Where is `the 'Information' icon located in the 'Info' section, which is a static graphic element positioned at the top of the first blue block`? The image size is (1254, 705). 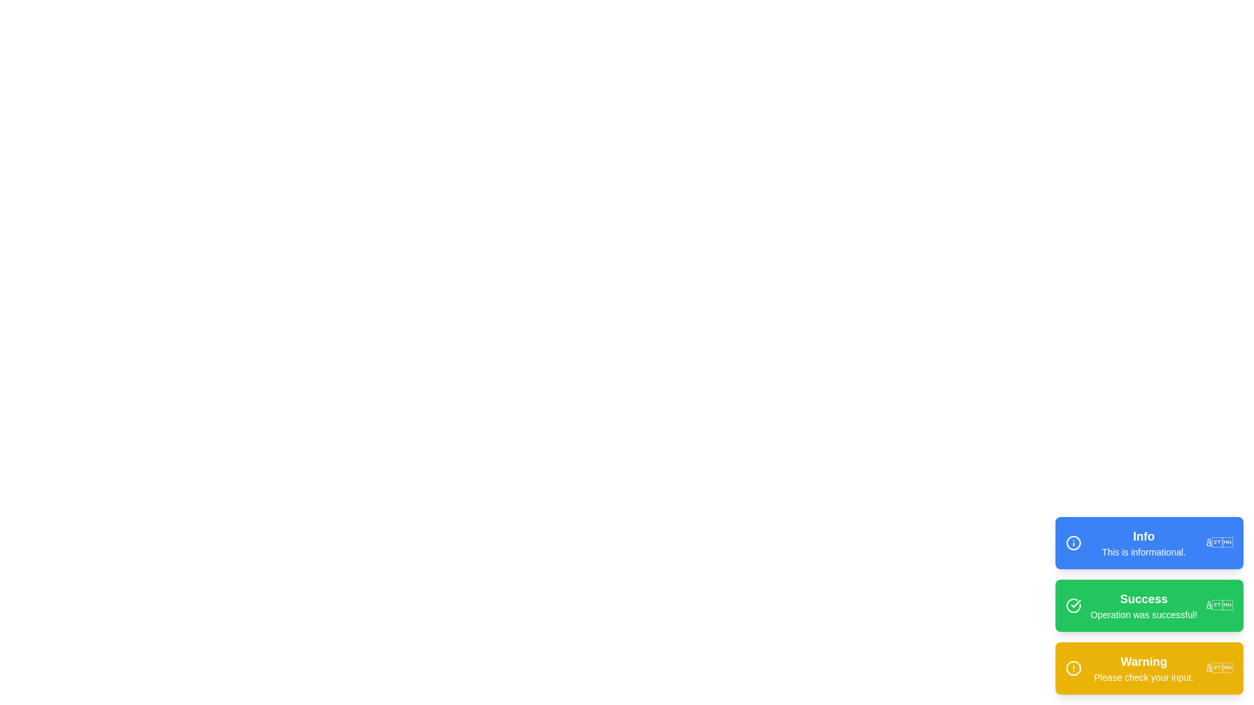
the 'Information' icon located in the 'Info' section, which is a static graphic element positioned at the top of the first blue block is located at coordinates (1073, 543).